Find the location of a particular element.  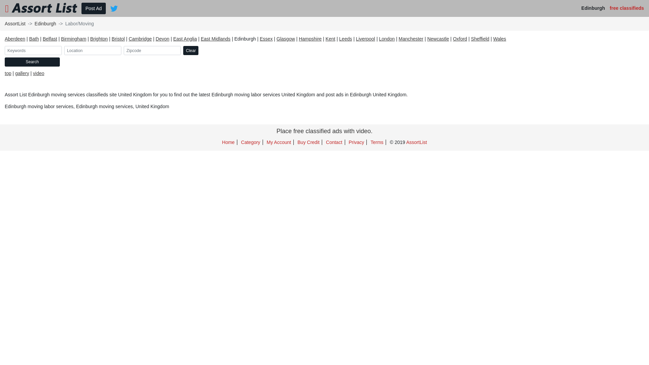

'East Midlands' is located at coordinates (215, 39).